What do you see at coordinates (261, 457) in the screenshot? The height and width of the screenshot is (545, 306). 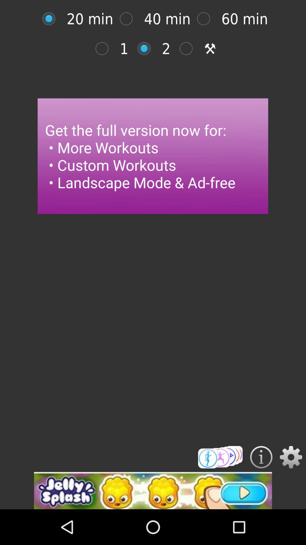 I see `help` at bounding box center [261, 457].